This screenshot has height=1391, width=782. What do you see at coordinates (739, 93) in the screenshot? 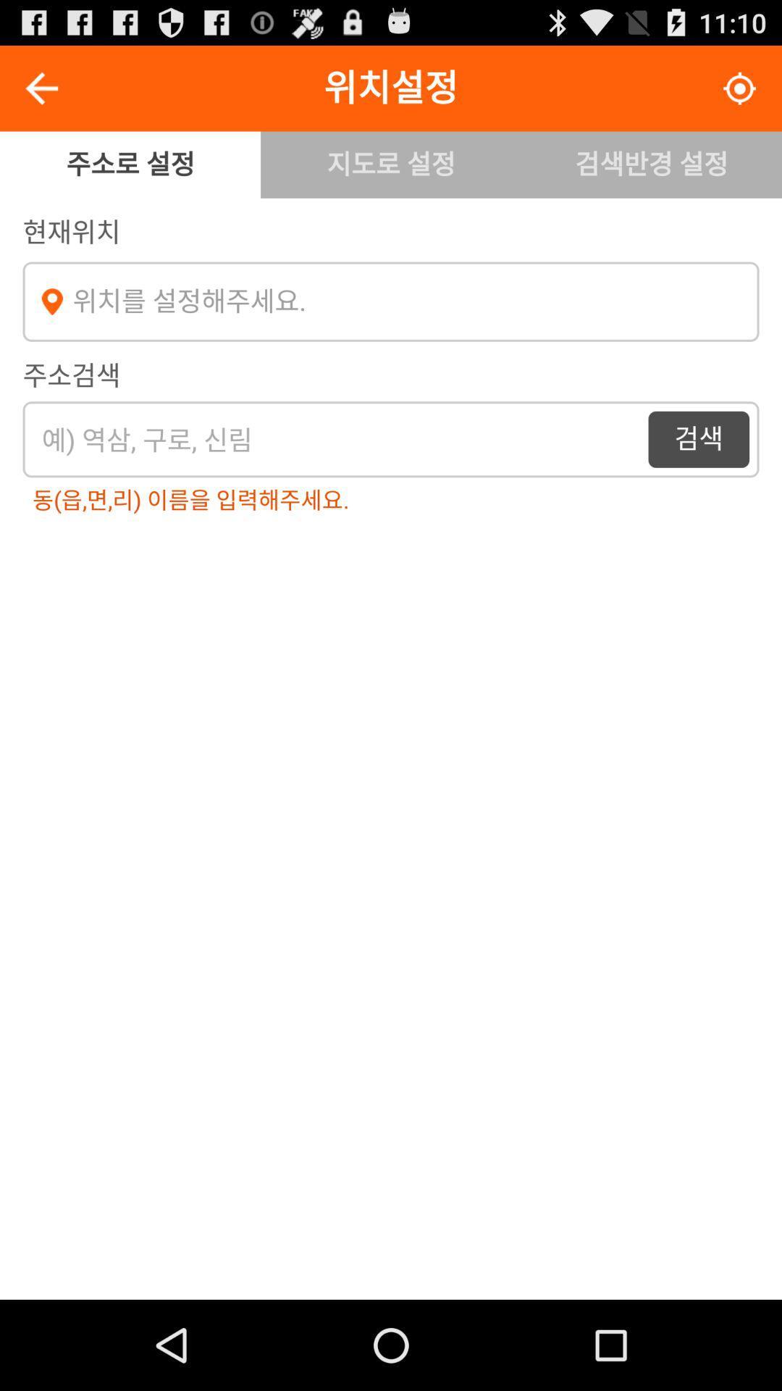
I see `the location_crosshair icon` at bounding box center [739, 93].